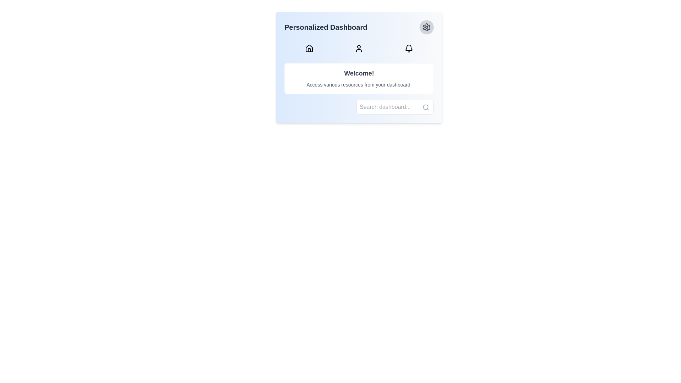  What do you see at coordinates (426, 107) in the screenshot?
I see `the circular decorative component representing the magnifying glass lens in the bottom-right corner of the search field` at bounding box center [426, 107].